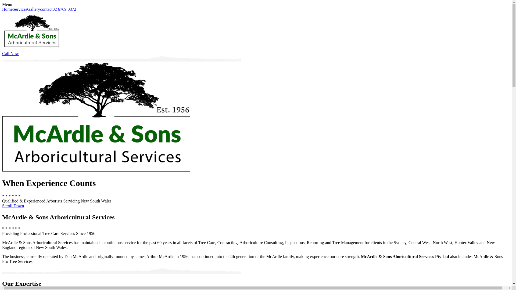  I want to click on 'contact', so click(46, 9).